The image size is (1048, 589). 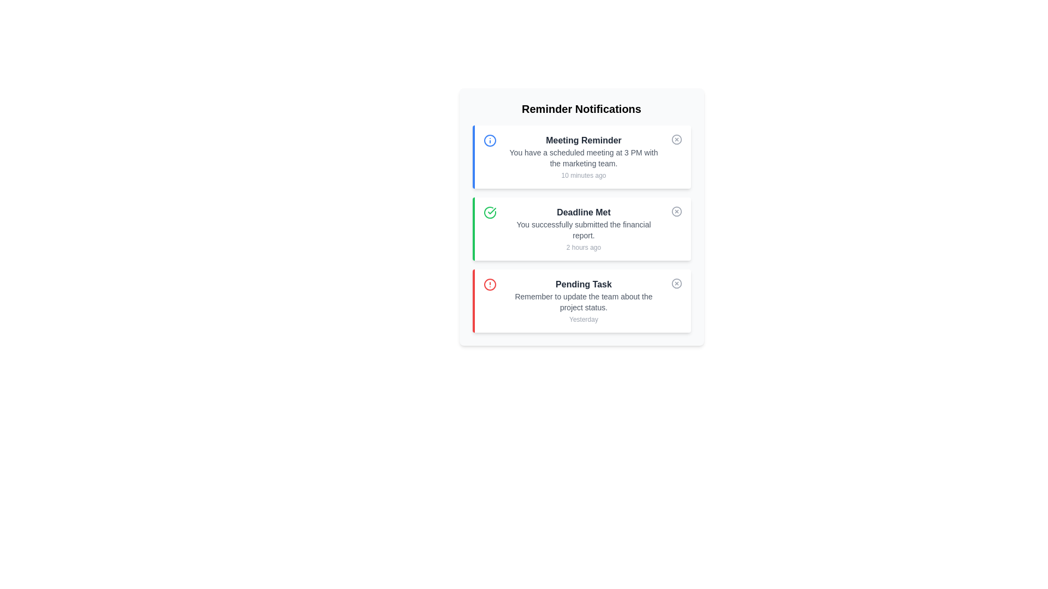 I want to click on the text label reading 'Pending Task', which is styled with a bold and dark gray font at the top of the last notification card in the notification interface, so click(x=583, y=284).